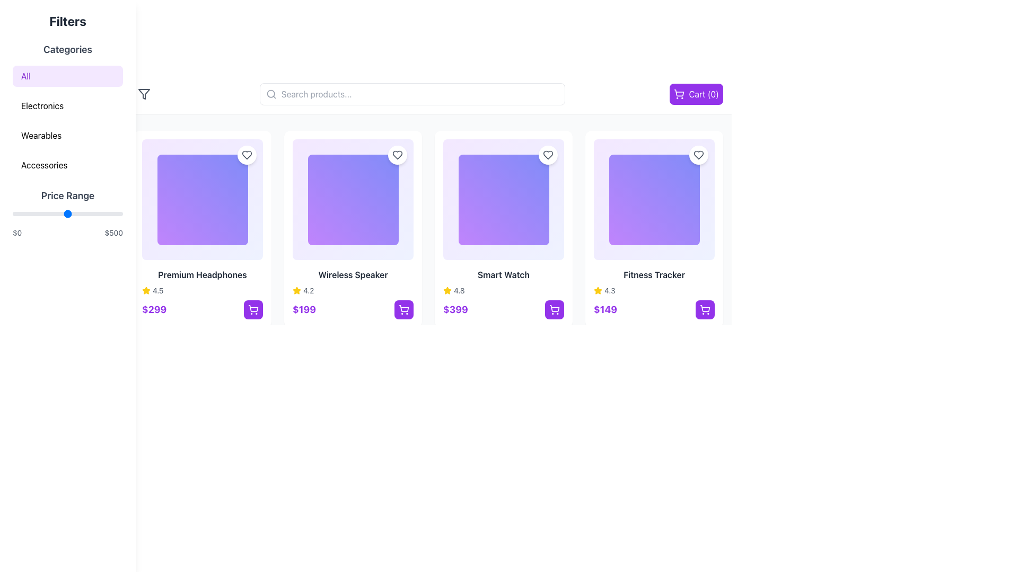  I want to click on the decorative search icon located on the left side of the search input field in the toolbar, so click(271, 93).